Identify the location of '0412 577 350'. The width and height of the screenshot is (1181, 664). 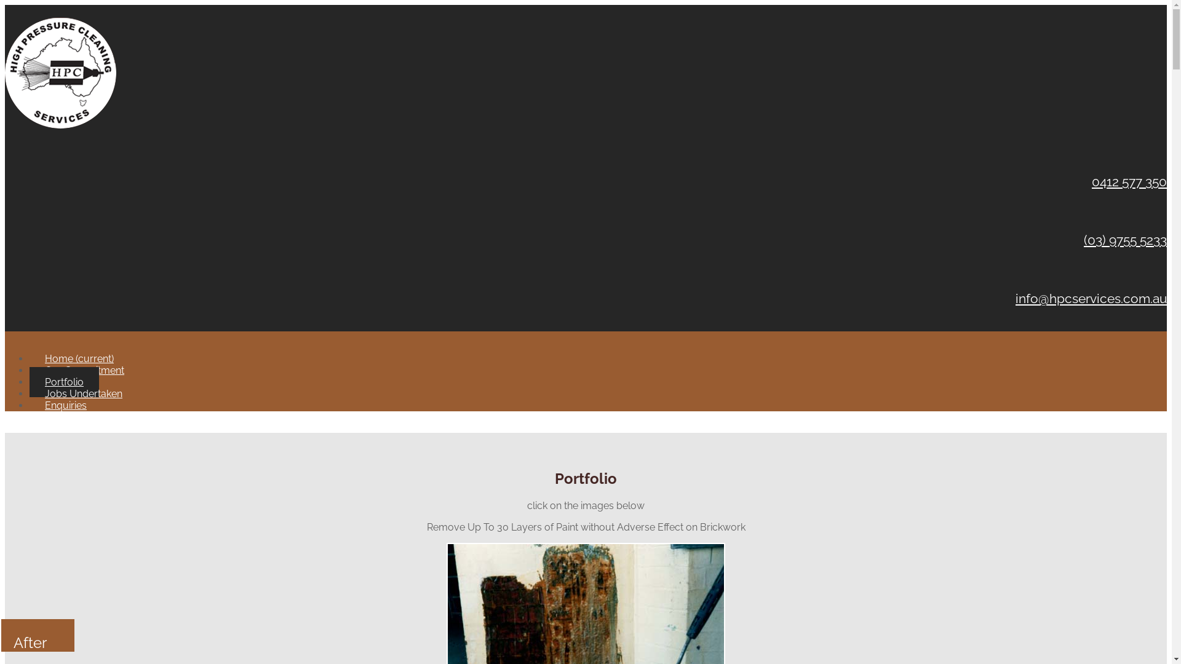
(1092, 181).